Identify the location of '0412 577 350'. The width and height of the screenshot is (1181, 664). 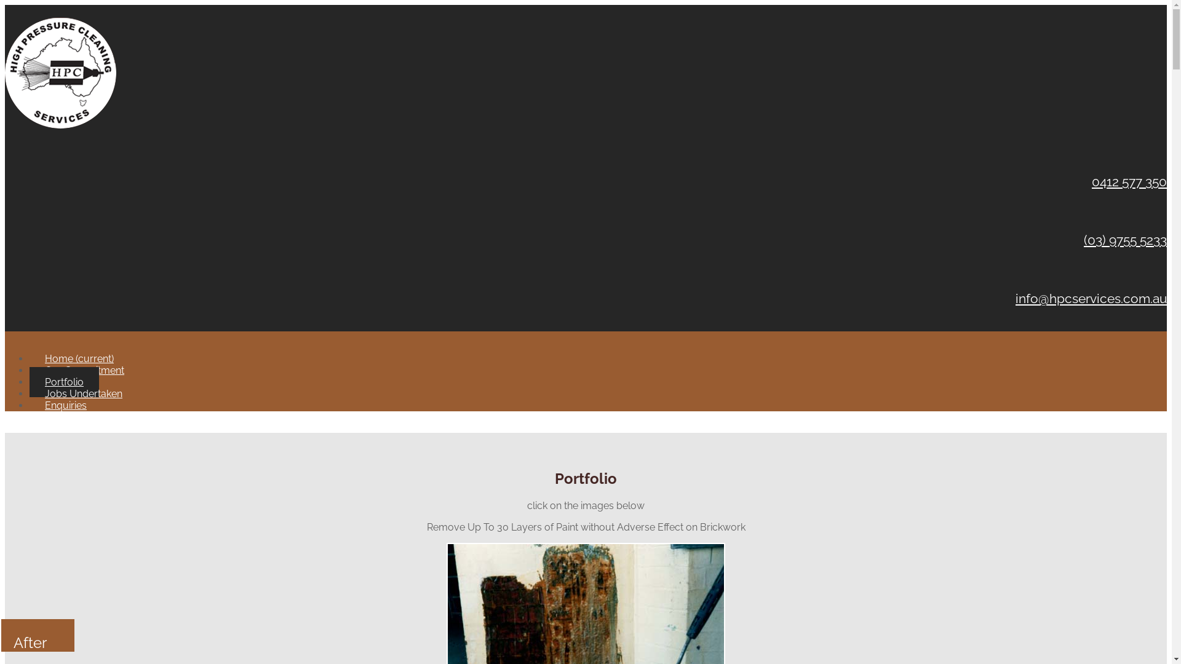
(1092, 181).